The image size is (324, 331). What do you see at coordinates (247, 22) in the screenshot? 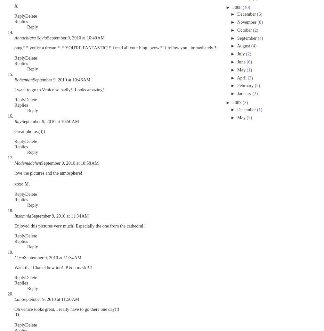
I see `'November'` at bounding box center [247, 22].